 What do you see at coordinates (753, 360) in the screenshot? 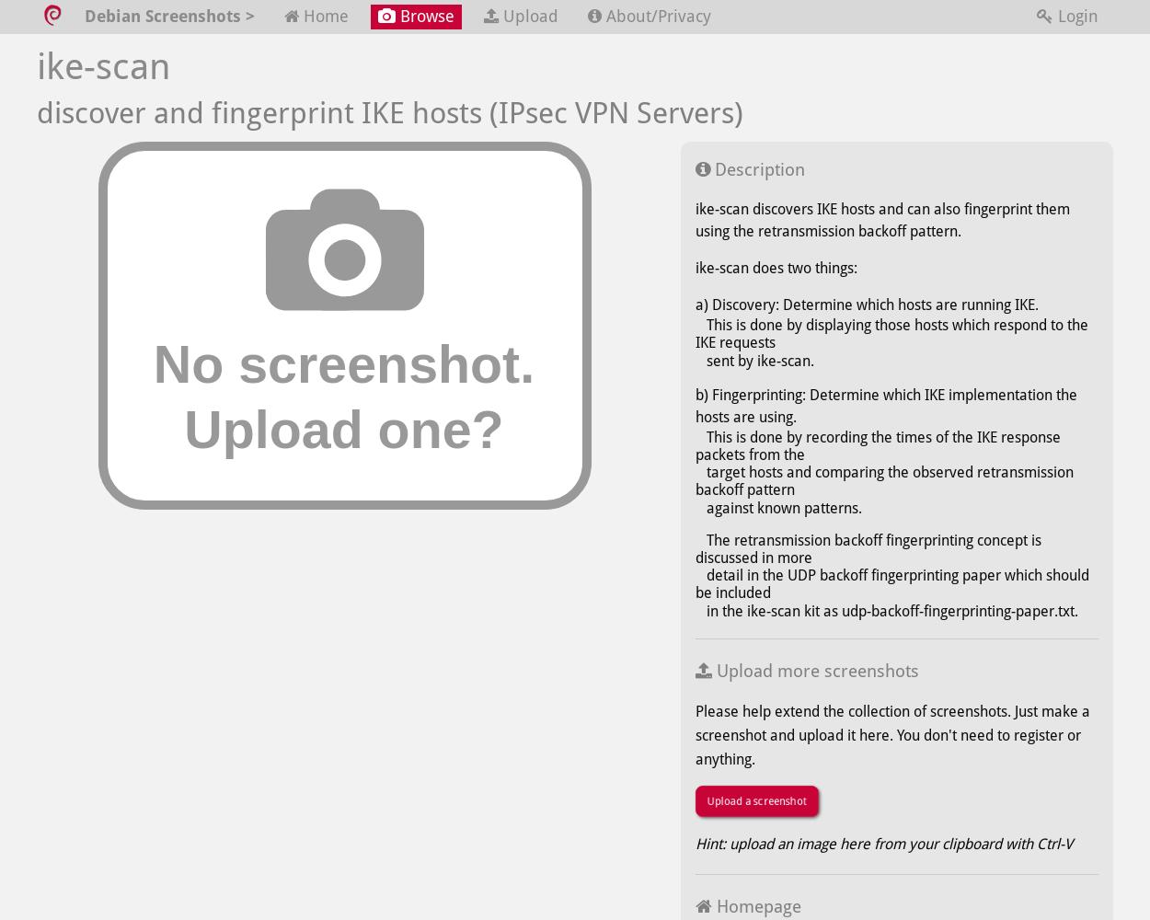
I see `'sent by ike-scan.'` at bounding box center [753, 360].